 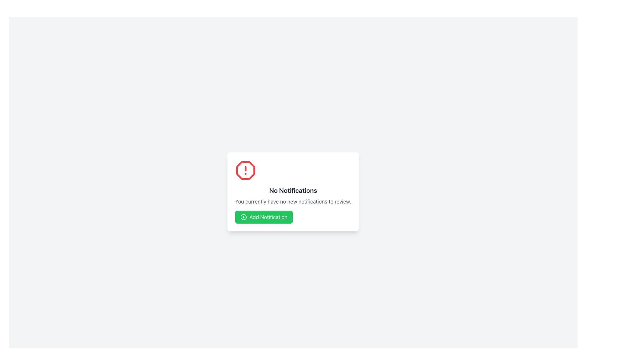 What do you see at coordinates (245, 170) in the screenshot?
I see `the visual alert icon located at the top of the notification card, which indicates the presence or absence of important notifications` at bounding box center [245, 170].